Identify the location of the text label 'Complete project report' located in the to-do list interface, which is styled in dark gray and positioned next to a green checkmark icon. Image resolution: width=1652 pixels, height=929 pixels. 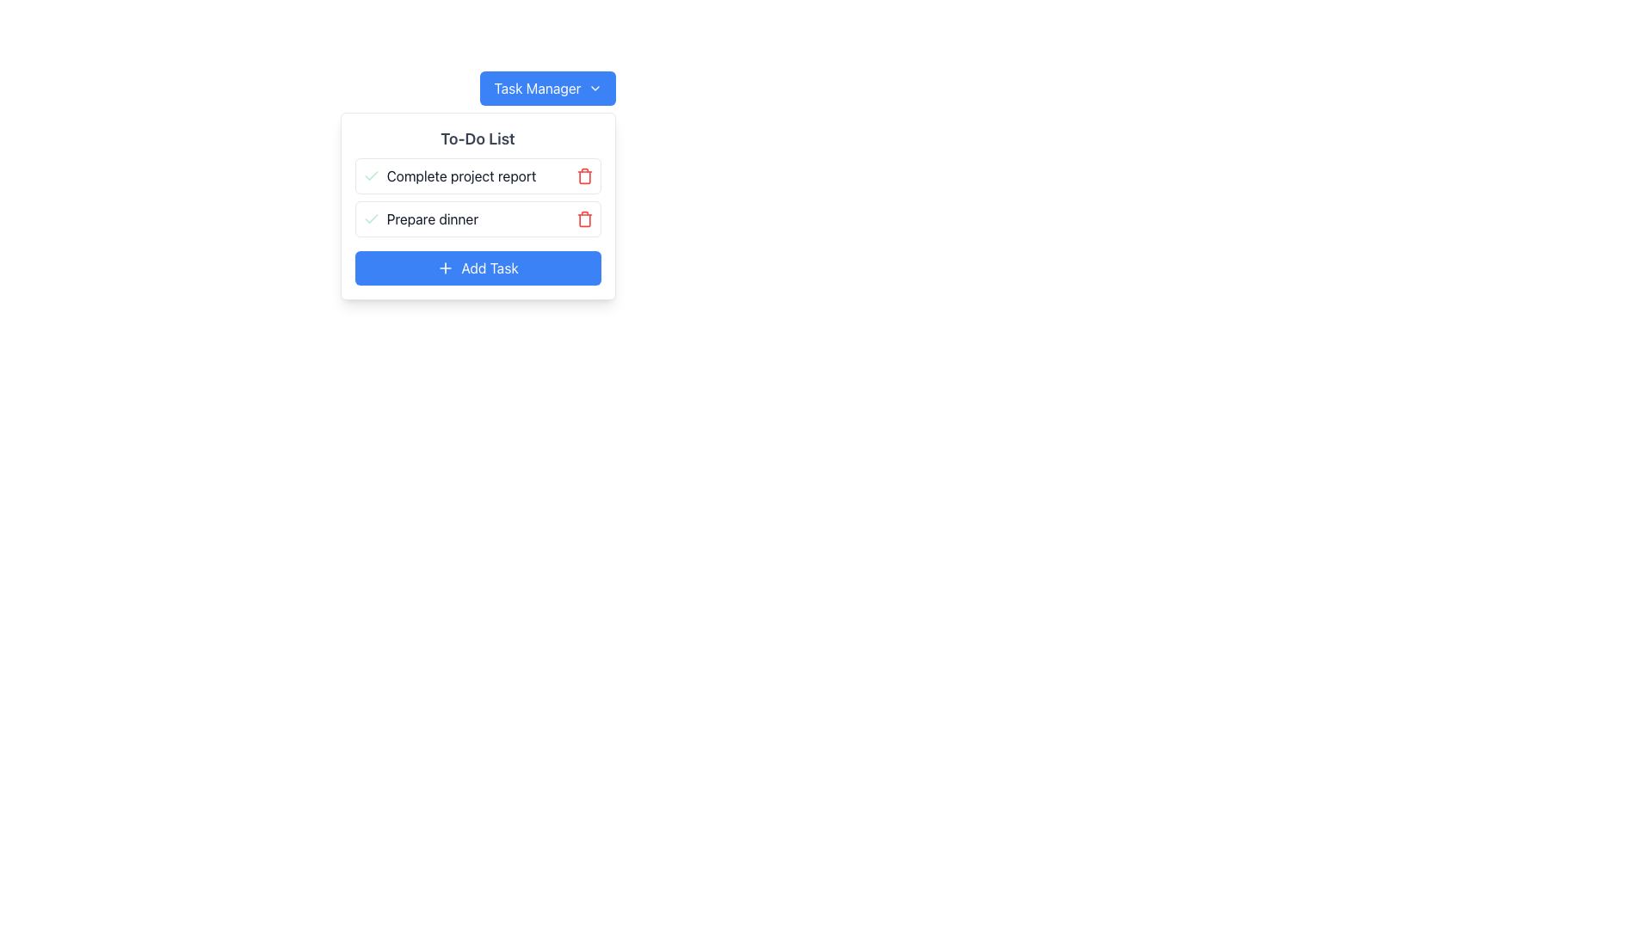
(449, 175).